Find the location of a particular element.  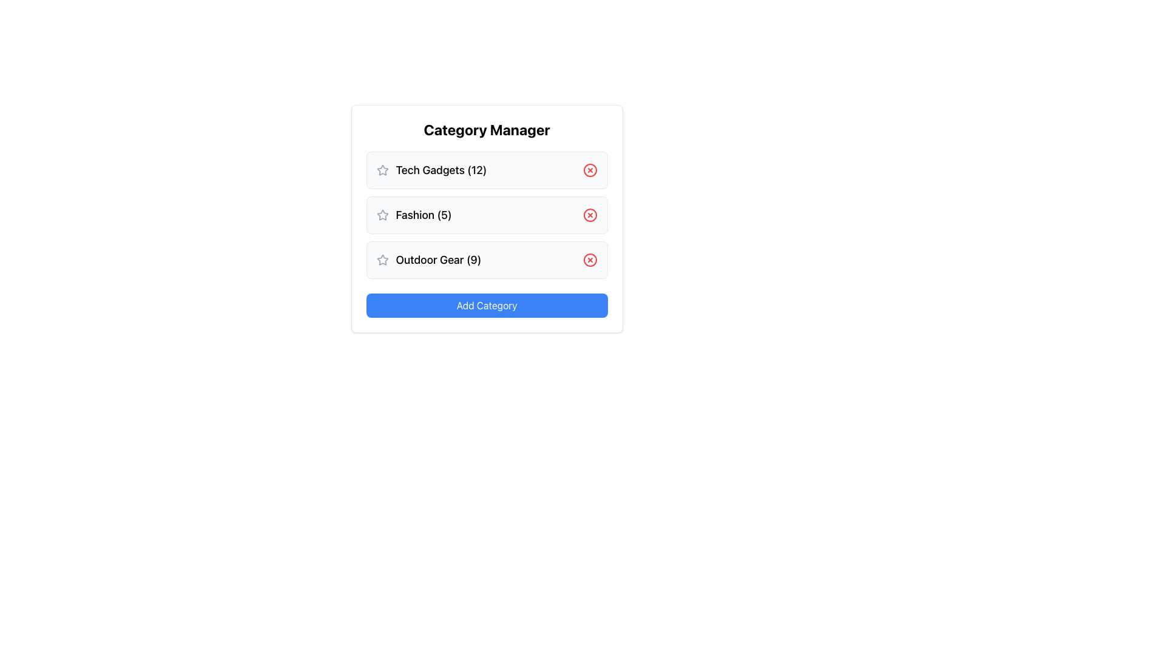

the leftmost icon in the 'Fashion (5)' category row is located at coordinates (382, 214).